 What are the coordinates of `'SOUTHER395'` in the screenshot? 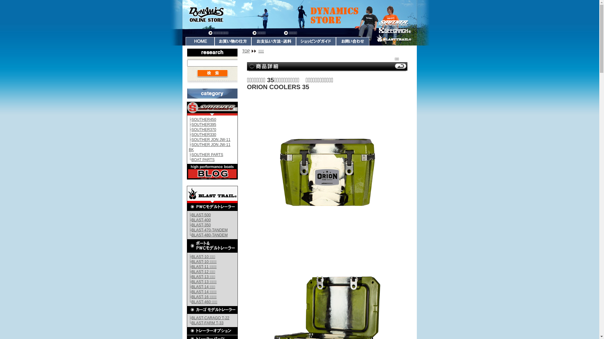 It's located at (191, 125).